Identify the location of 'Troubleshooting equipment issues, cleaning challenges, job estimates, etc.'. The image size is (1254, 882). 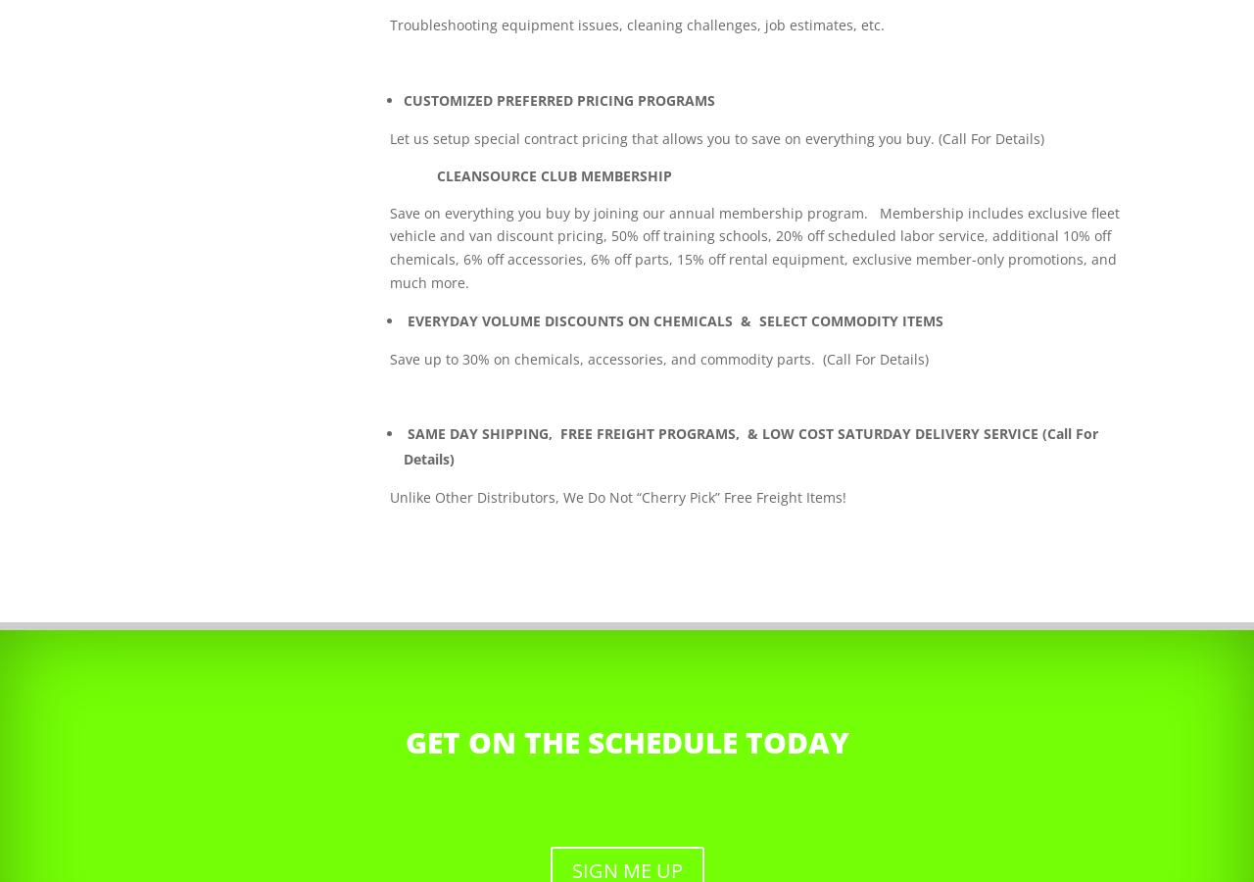
(637, 24).